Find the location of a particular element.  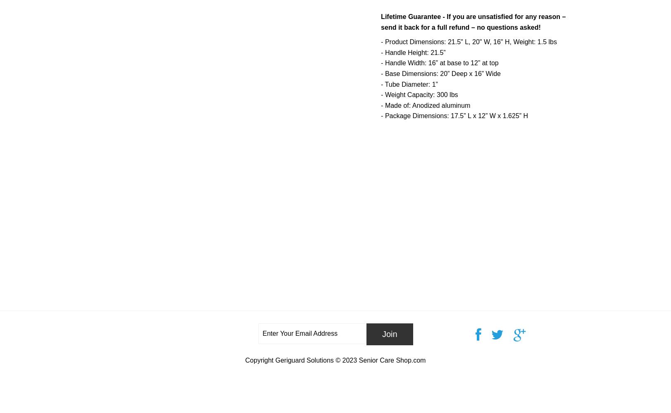

'- Tube Diameter: 1”' is located at coordinates (409, 83).